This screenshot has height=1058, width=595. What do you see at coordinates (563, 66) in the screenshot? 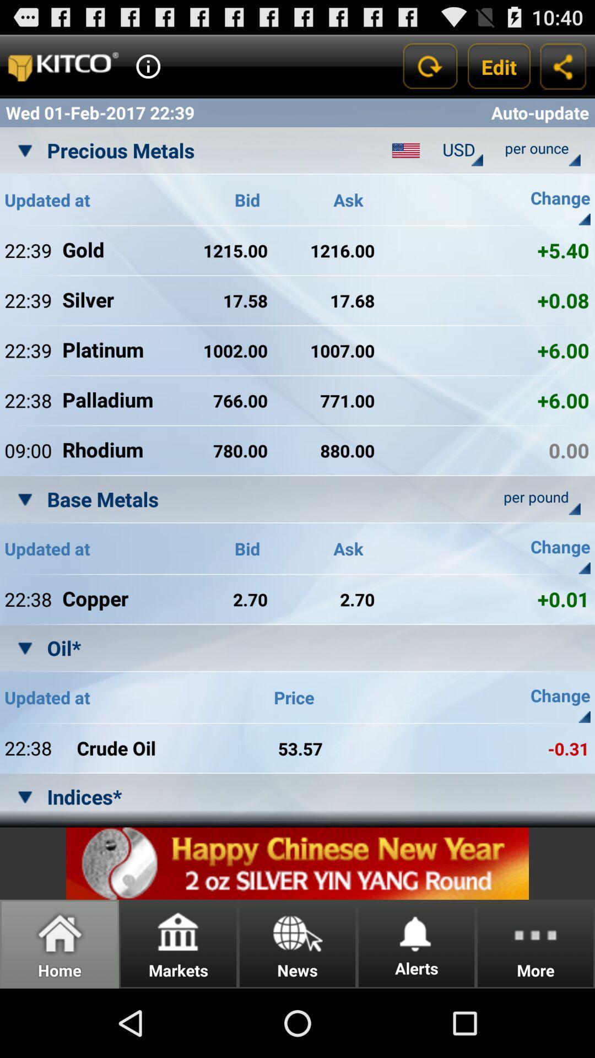
I see `share botton` at bounding box center [563, 66].